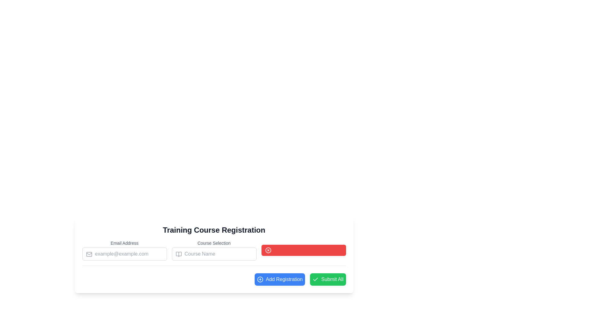  I want to click on the 'Email Address' label, which is styled with a small font size and gray color, positioned above the input field in the 'Training Course Registration' form, so click(124, 250).